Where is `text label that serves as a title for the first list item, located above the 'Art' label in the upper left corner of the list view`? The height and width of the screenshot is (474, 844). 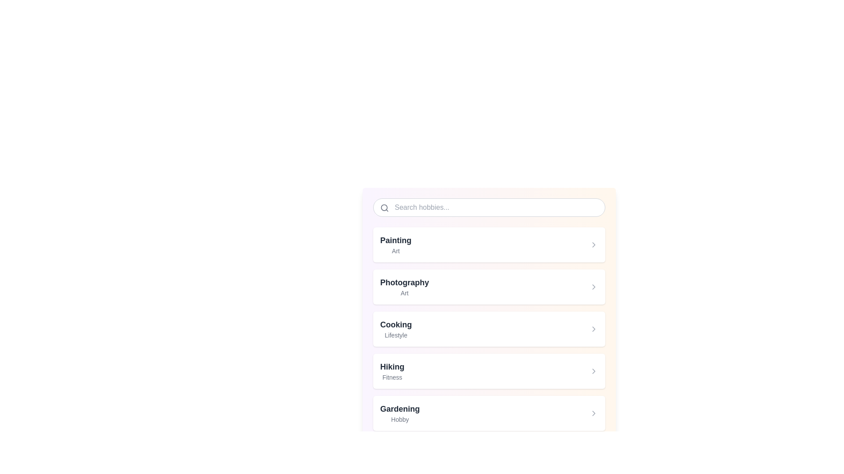 text label that serves as a title for the first list item, located above the 'Art' label in the upper left corner of the list view is located at coordinates (395, 240).